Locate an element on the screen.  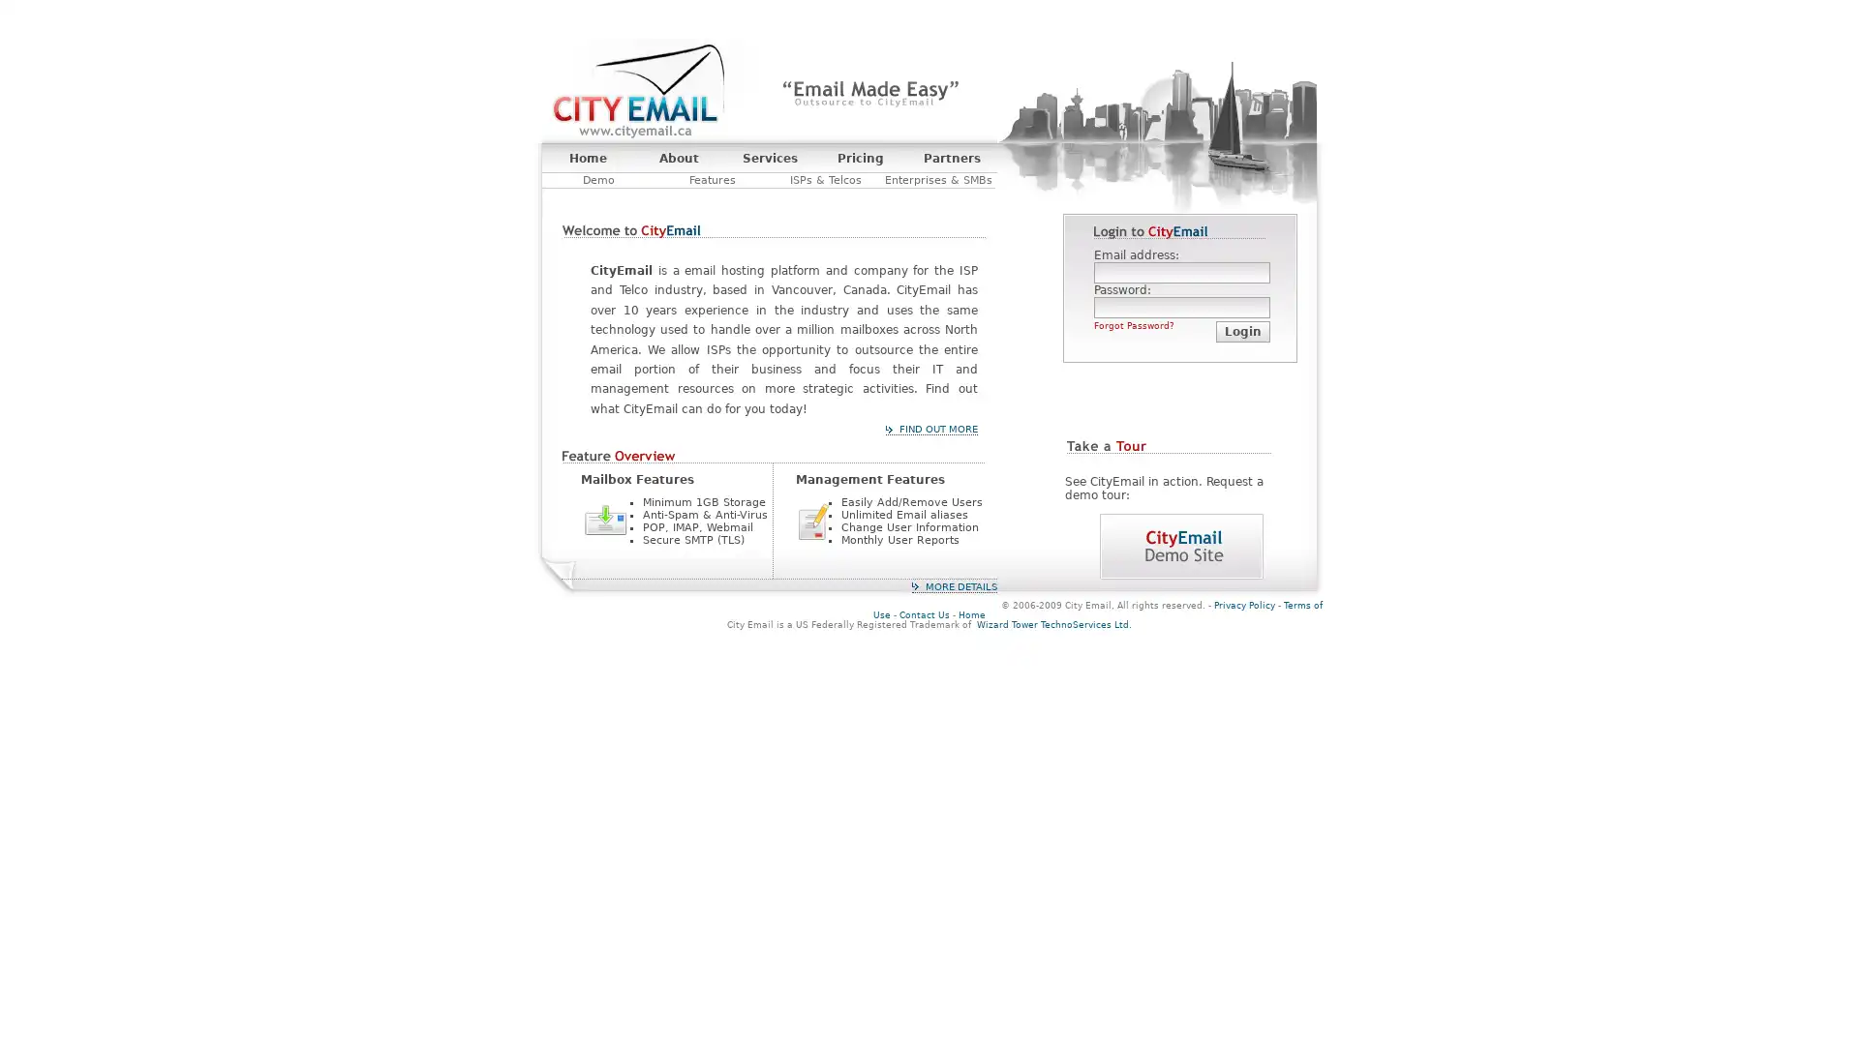
Login is located at coordinates (1242, 331).